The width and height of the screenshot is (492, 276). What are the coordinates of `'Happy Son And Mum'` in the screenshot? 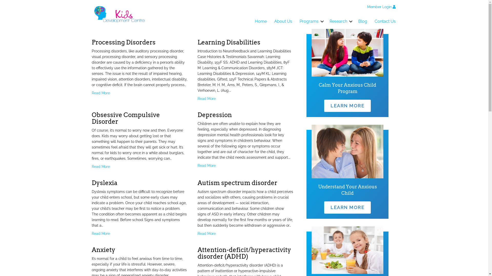 It's located at (311, 151).